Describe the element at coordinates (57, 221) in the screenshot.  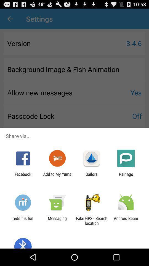
I see `the icon next to fake gps search app` at that location.